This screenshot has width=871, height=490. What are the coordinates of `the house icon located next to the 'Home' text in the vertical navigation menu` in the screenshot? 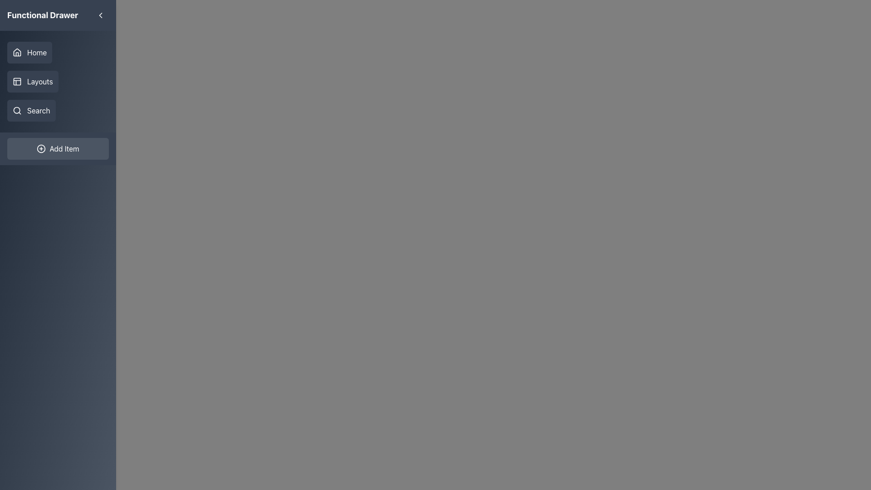 It's located at (17, 52).